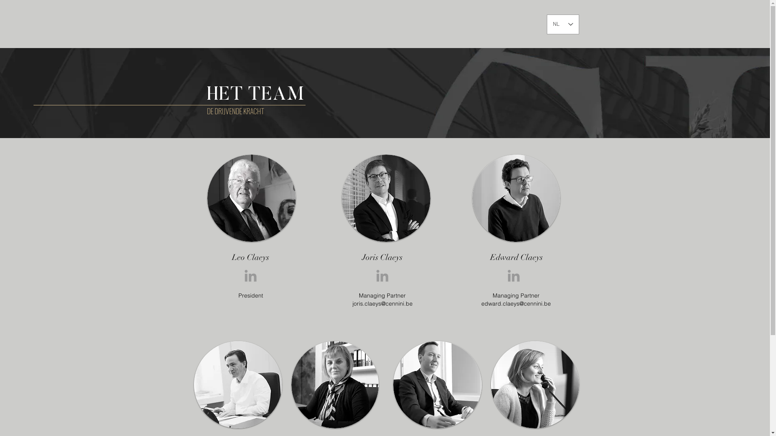 Image resolution: width=776 pixels, height=436 pixels. What do you see at coordinates (496, 23) in the screenshot?
I see `'TEAM'` at bounding box center [496, 23].